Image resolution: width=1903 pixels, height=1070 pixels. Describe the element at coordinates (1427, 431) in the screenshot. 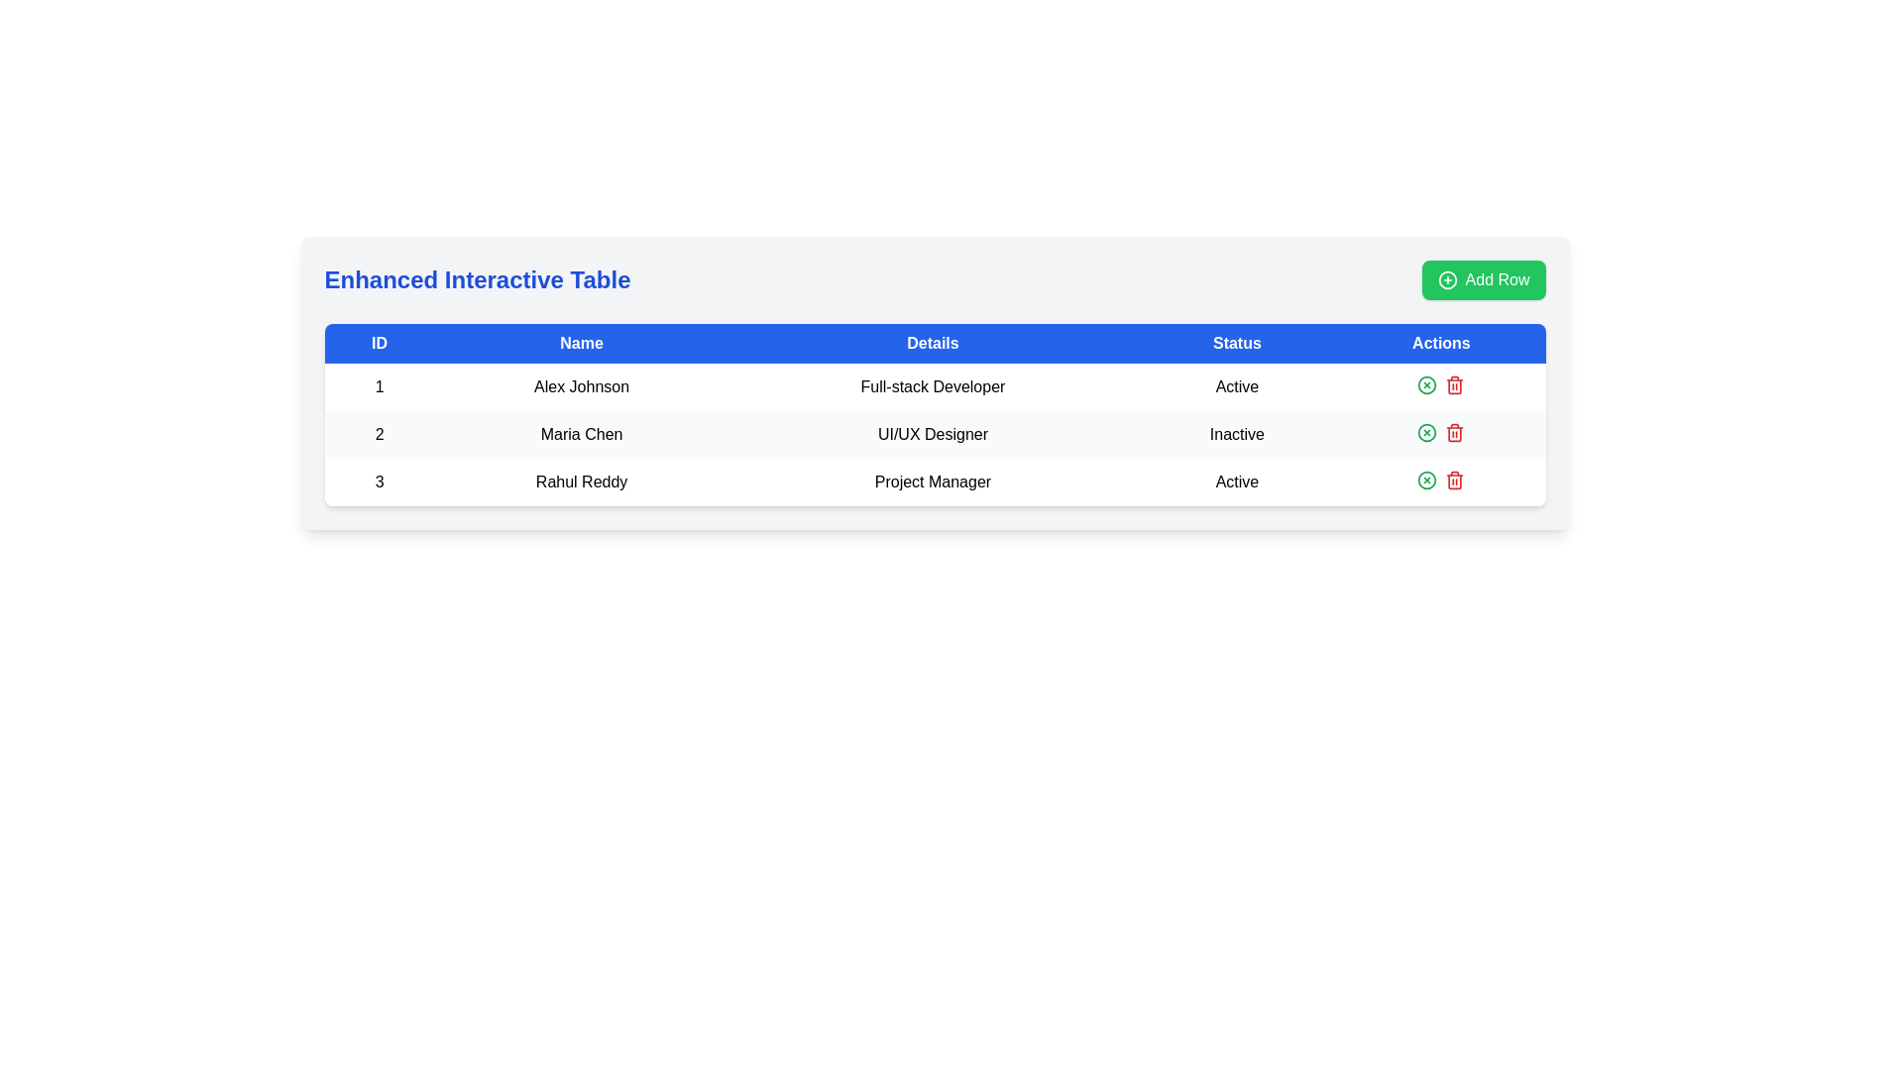

I see `the green circular button with a cross mark inside it, located in the 'Actions' column of the second row of the table` at that location.